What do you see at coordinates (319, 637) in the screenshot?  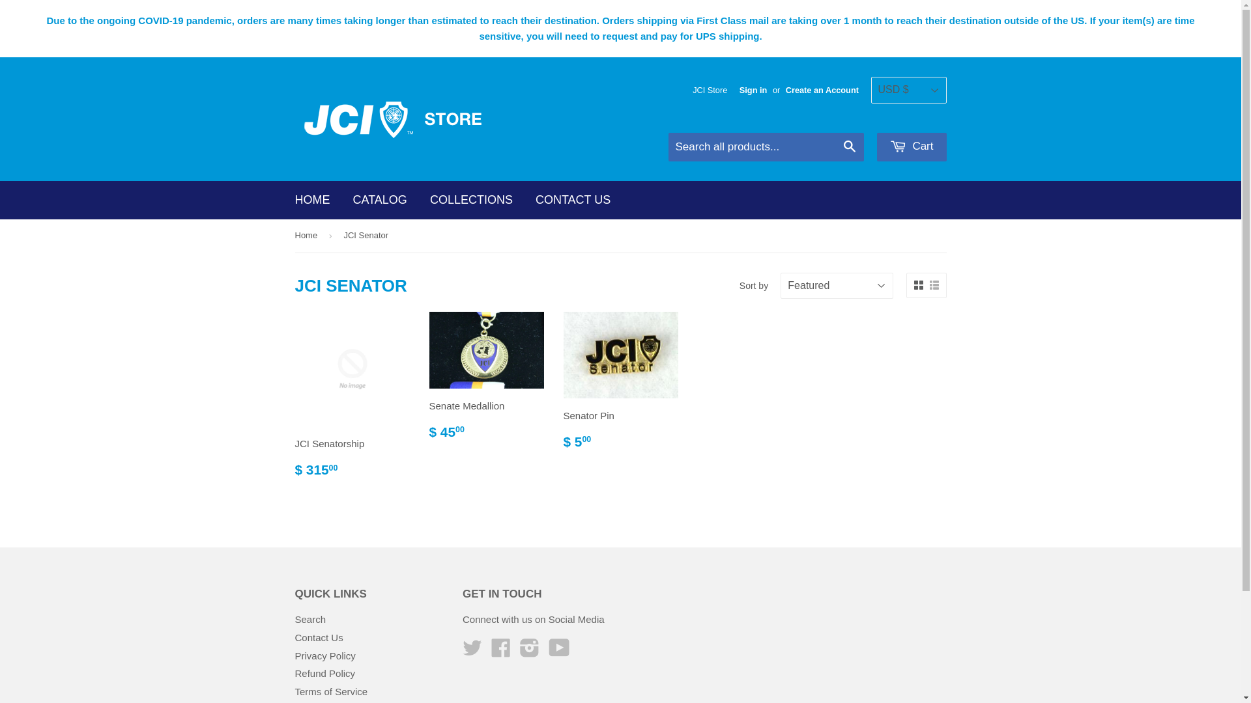 I see `'Contact Us'` at bounding box center [319, 637].